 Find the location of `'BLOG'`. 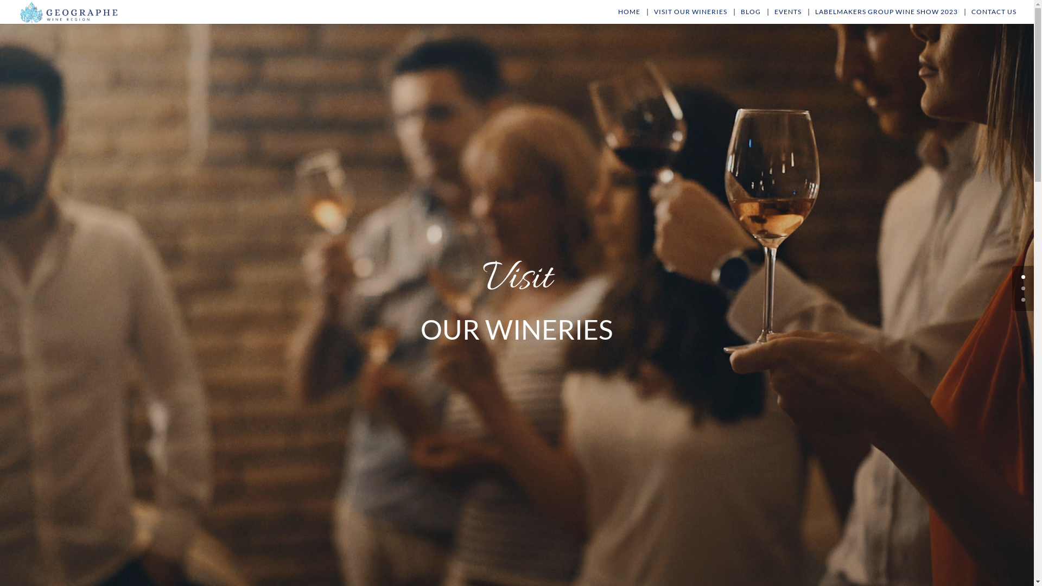

'BLOG' is located at coordinates (750, 16).